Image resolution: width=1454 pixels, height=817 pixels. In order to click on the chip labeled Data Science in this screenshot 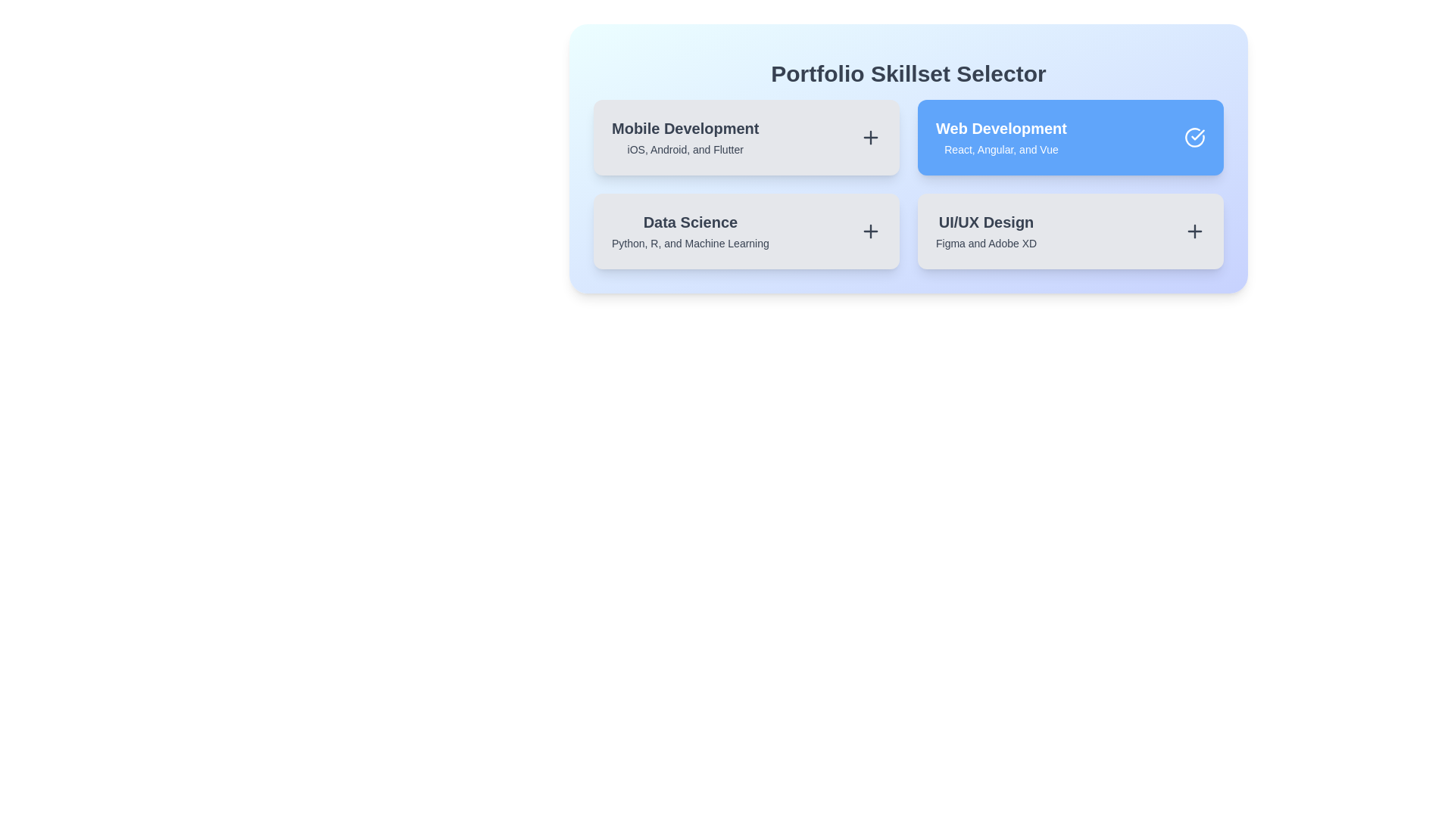, I will do `click(746, 231)`.